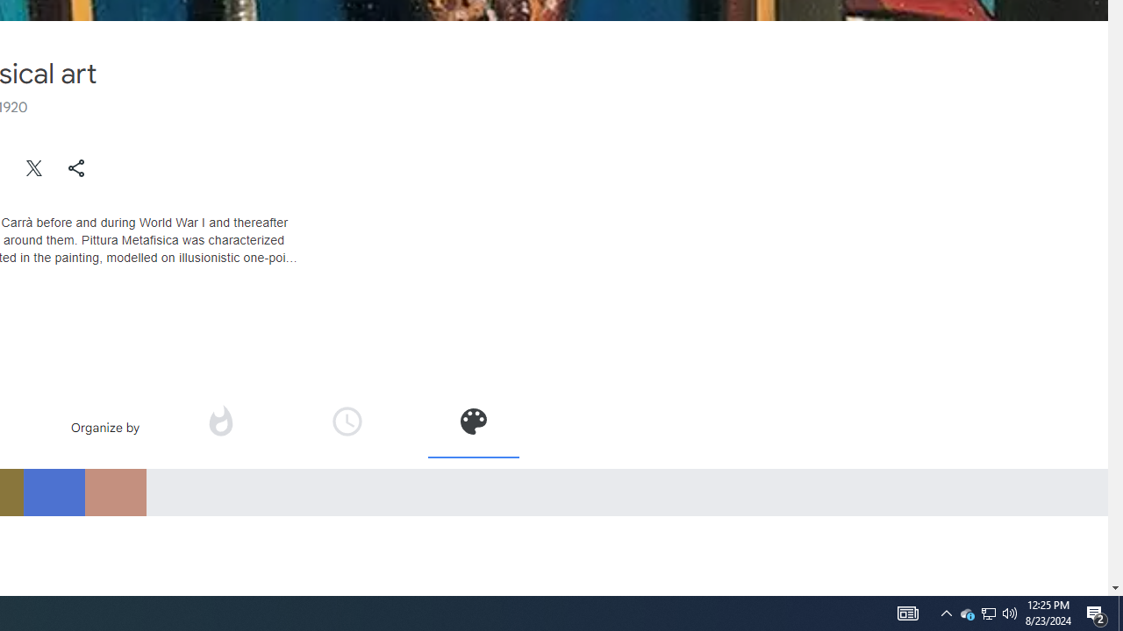 The height and width of the screenshot is (631, 1123). I want to click on 'Share on Twitter', so click(34, 167).